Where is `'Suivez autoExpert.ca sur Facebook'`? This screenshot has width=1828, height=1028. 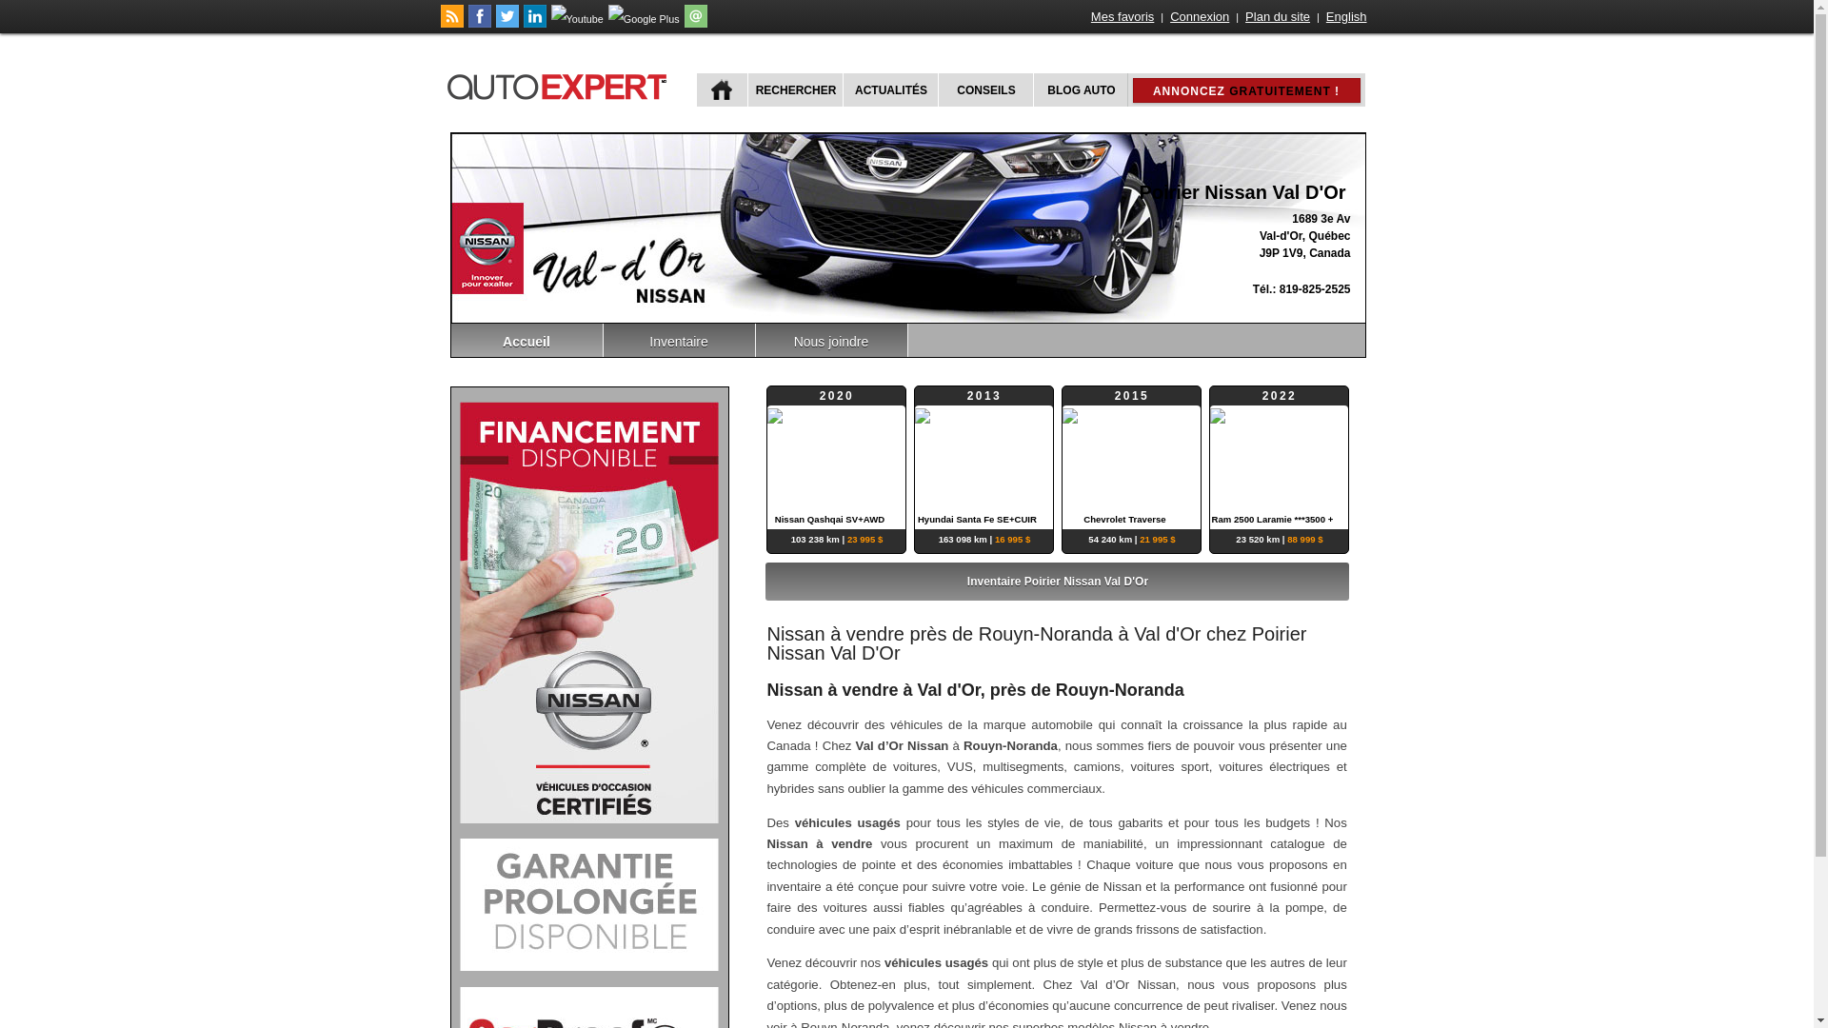 'Suivez autoExpert.ca sur Facebook' is located at coordinates (480, 23).